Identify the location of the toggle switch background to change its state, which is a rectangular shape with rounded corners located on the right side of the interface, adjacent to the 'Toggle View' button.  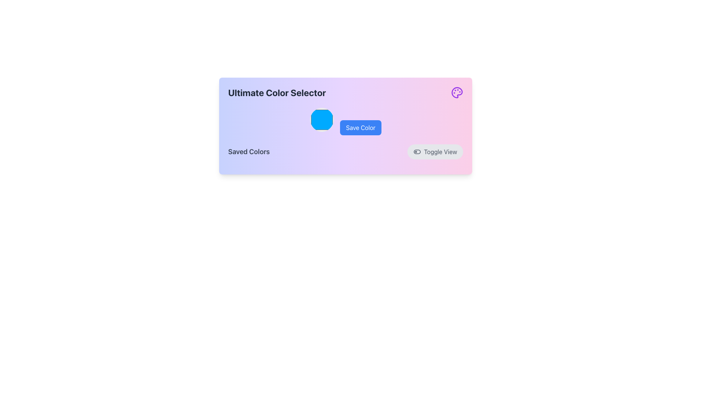
(417, 151).